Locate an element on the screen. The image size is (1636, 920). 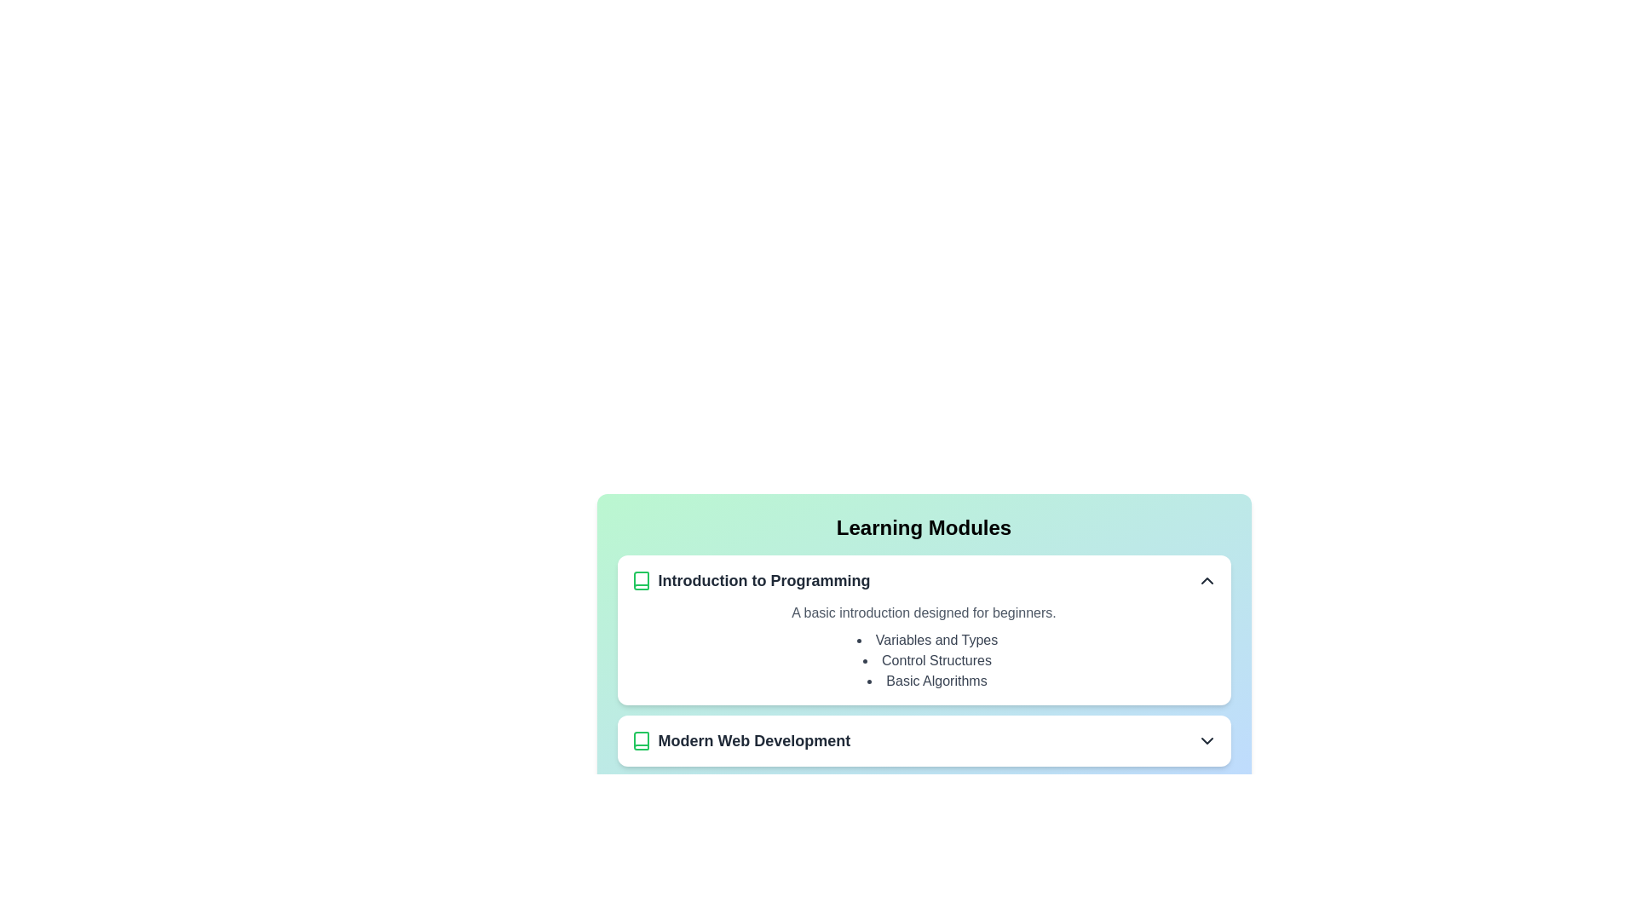
the individual topics in the 'Introduction to Programming' Collapsible Section is located at coordinates (923, 659).